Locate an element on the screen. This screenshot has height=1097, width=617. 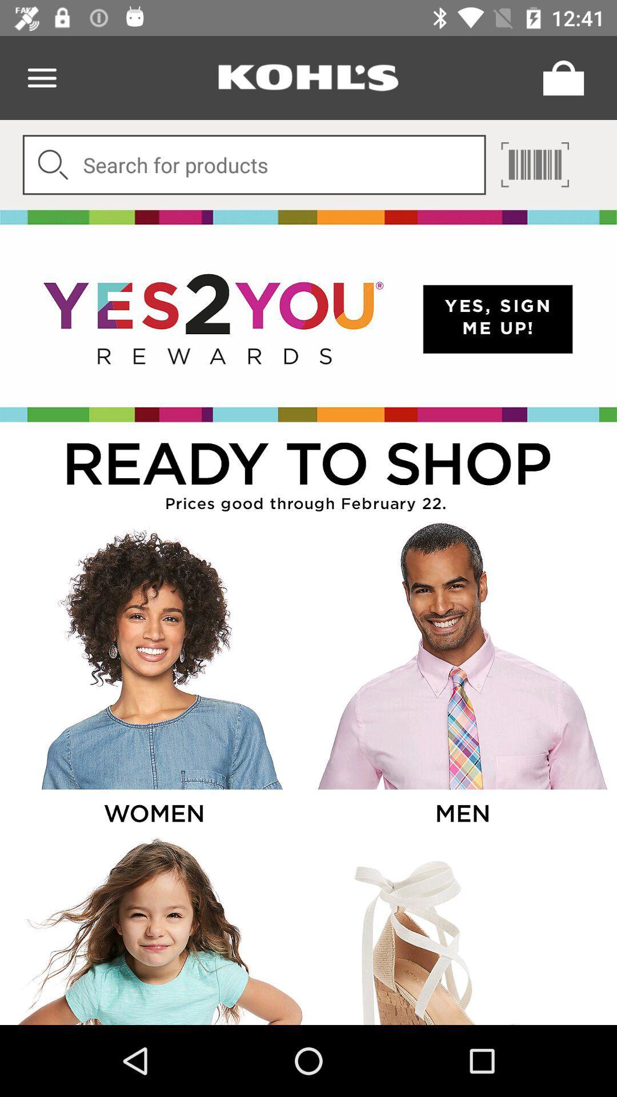
menu page is located at coordinates (41, 77).